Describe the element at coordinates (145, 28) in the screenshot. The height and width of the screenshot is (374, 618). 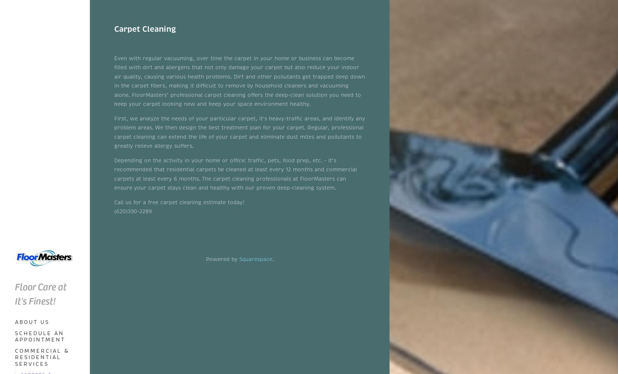
I see `'Carpet Cleaning'` at that location.